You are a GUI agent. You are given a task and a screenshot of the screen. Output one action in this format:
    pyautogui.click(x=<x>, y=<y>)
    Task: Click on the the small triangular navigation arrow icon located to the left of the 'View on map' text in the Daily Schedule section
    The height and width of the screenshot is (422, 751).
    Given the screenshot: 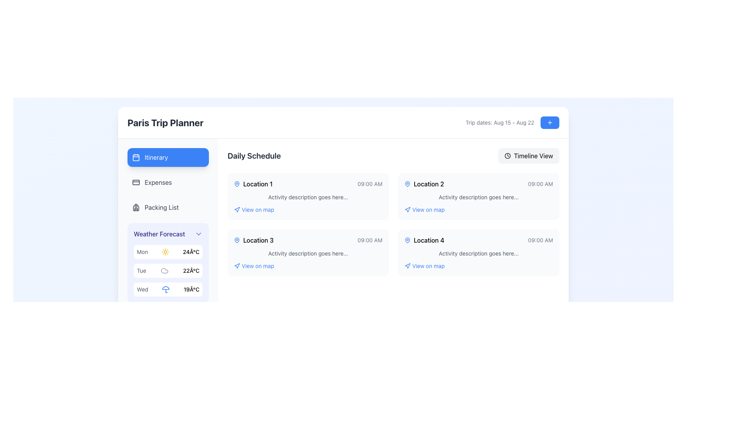 What is the action you would take?
    pyautogui.click(x=237, y=209)
    